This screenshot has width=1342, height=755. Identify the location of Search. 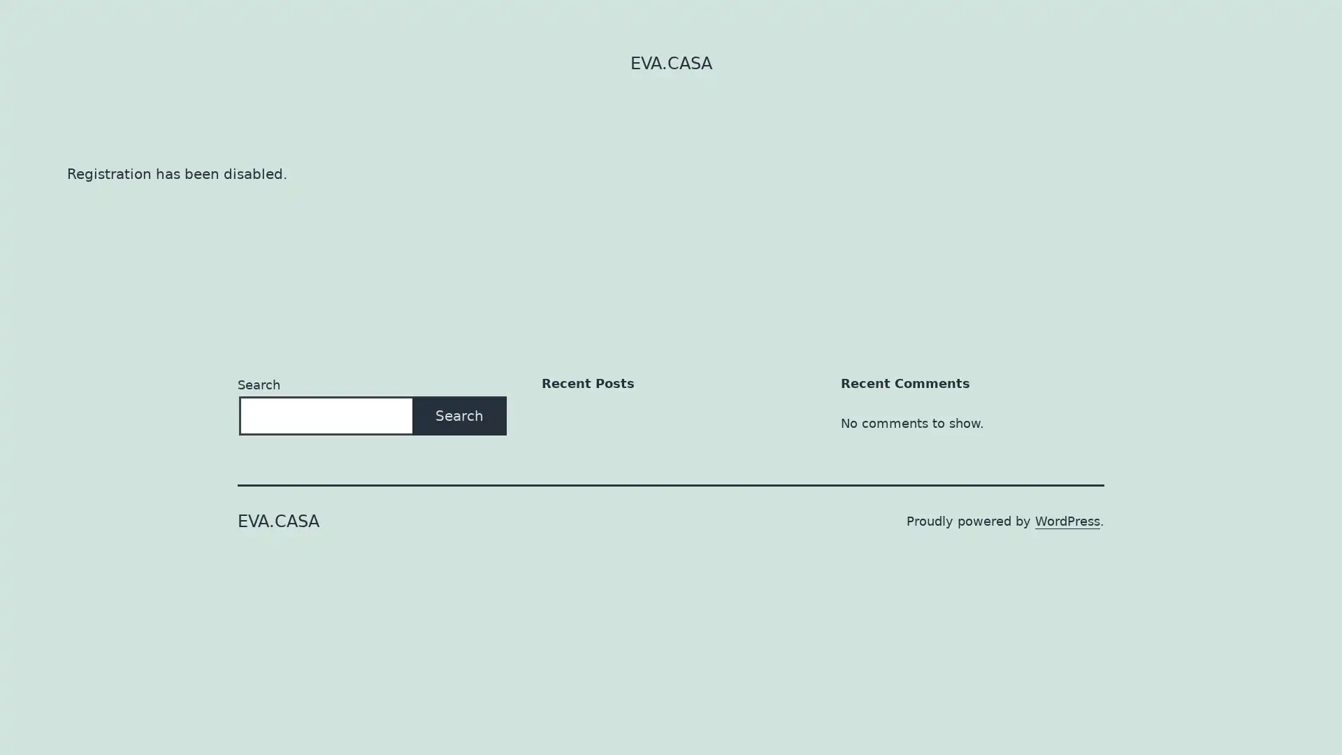
(459, 415).